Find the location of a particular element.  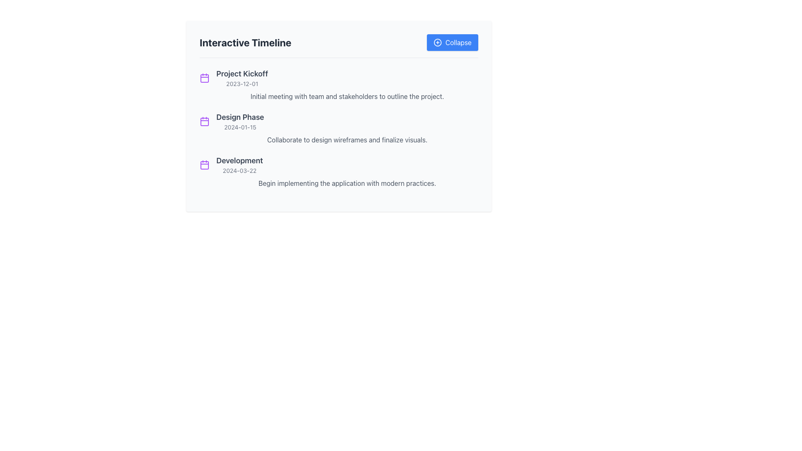

date displayed in the Text Label that is located beneath the 'Design Phase' text in the interactive timeline is located at coordinates (240, 127).